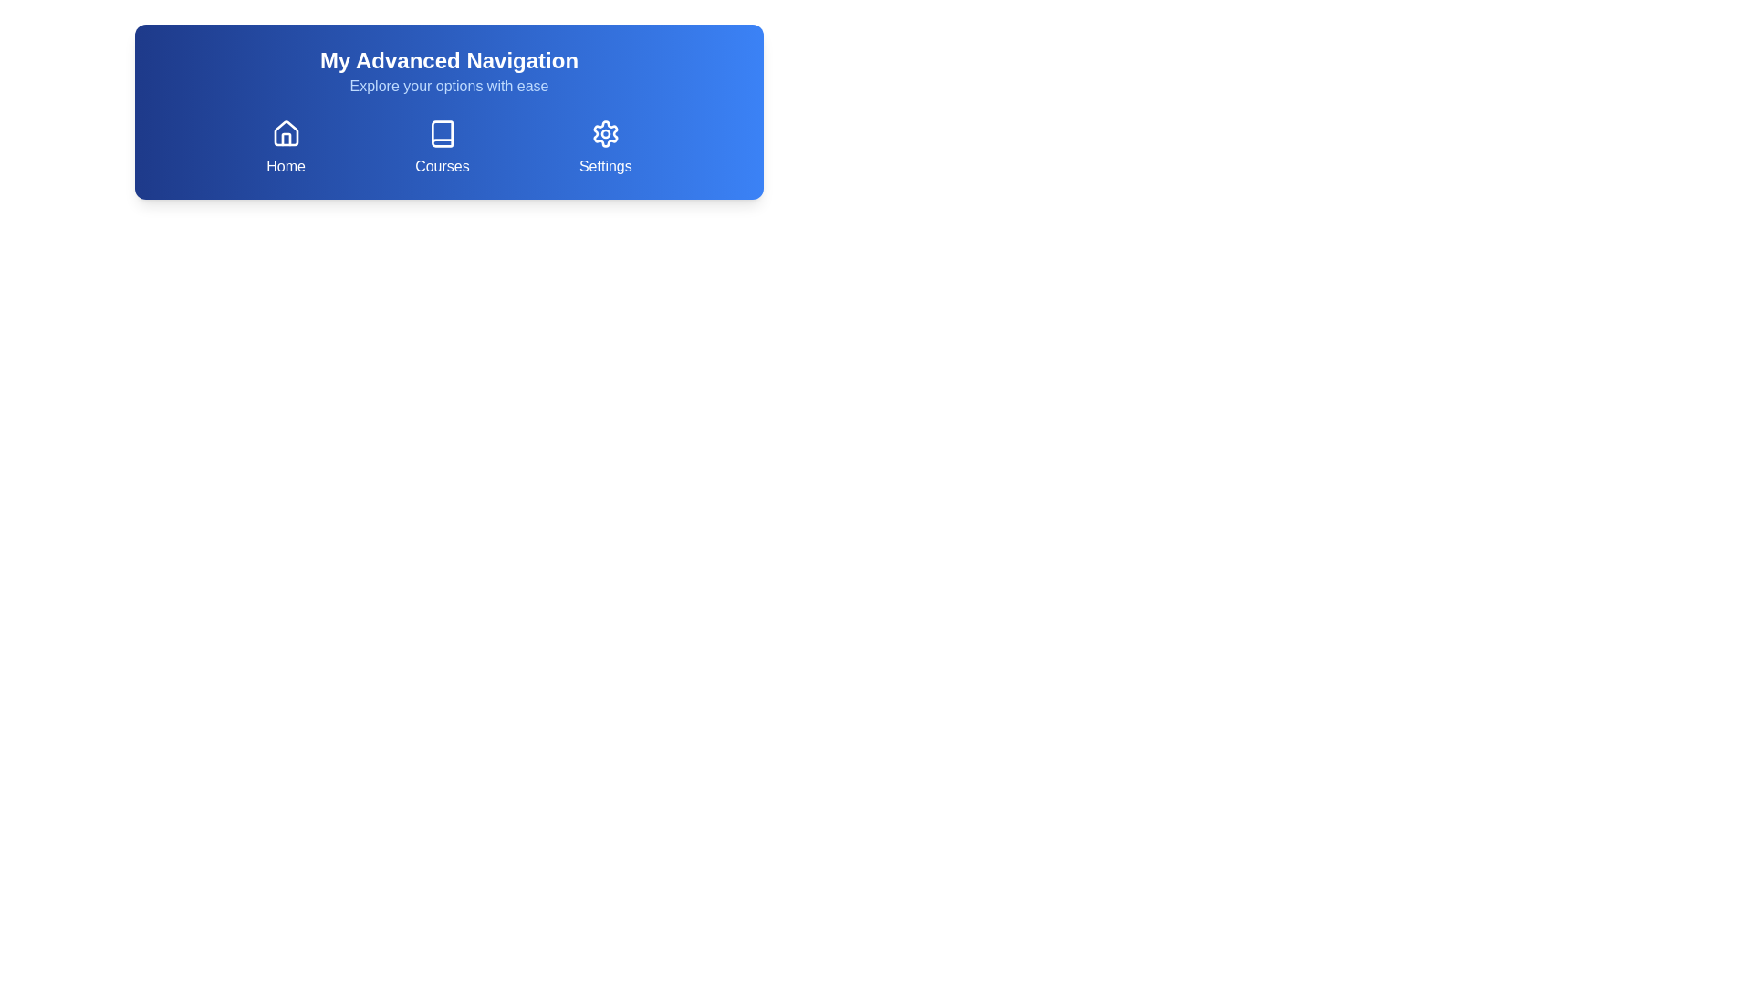 The width and height of the screenshot is (1752, 985). Describe the element at coordinates (442, 132) in the screenshot. I see `the 'Courses' icon located directly below the 'Courses' label text` at that location.